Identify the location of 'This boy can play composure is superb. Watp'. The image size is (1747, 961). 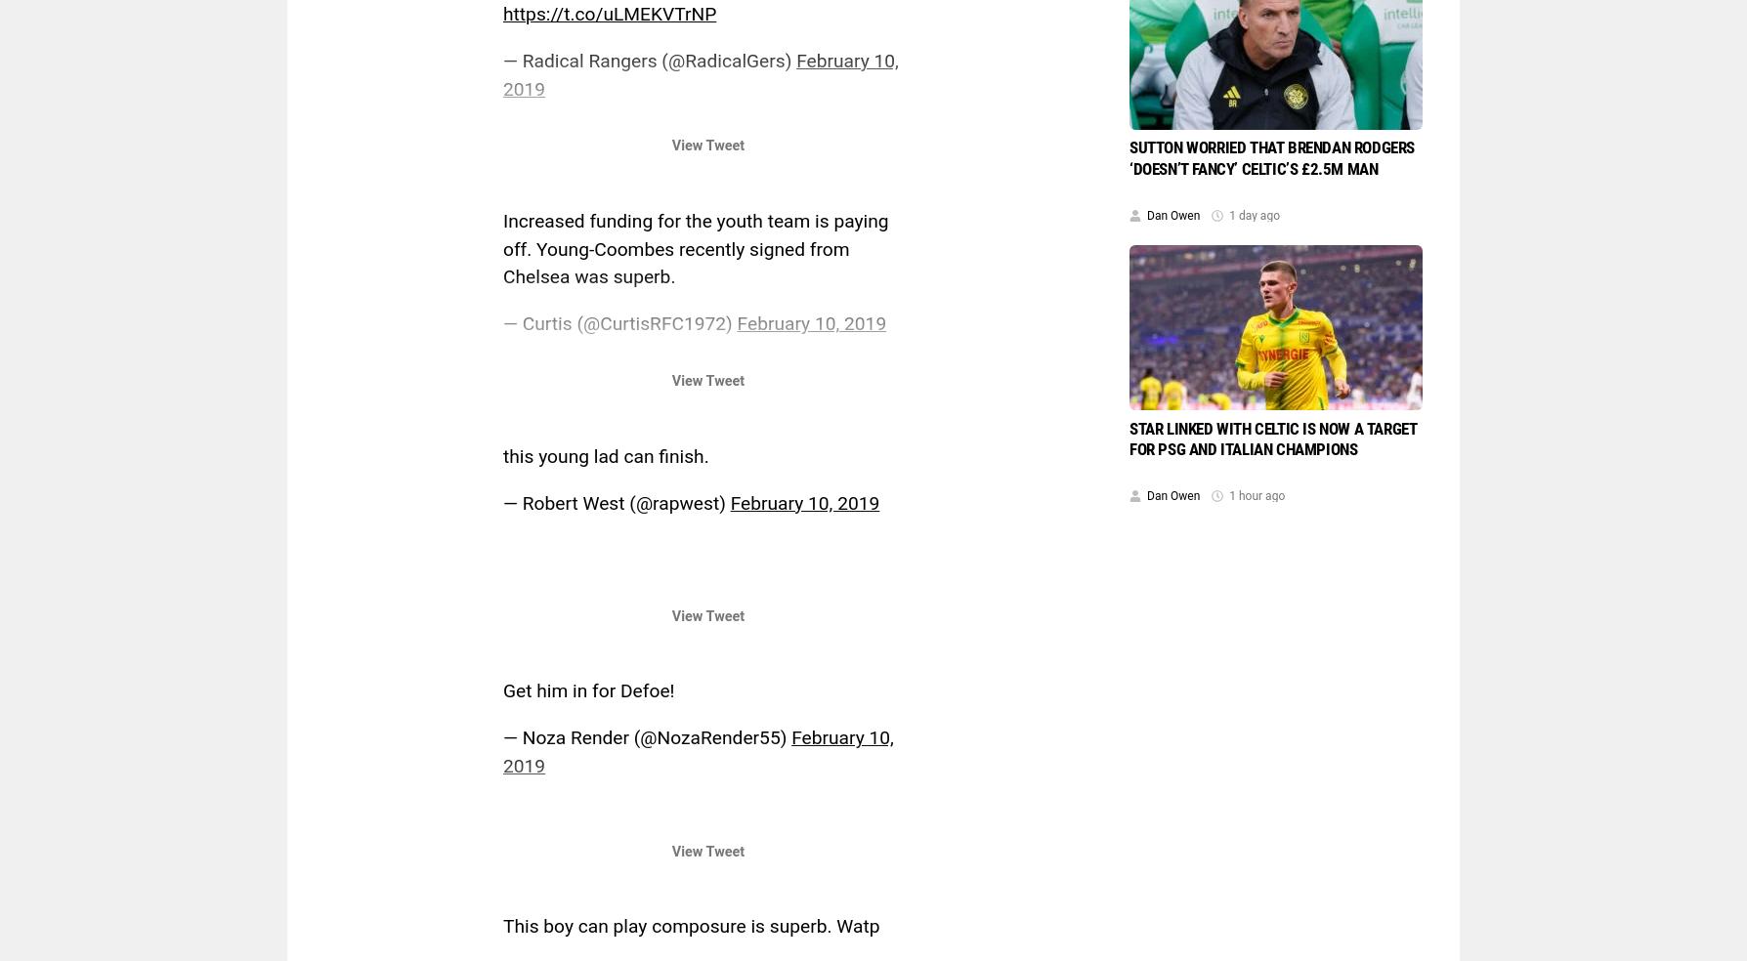
(690, 926).